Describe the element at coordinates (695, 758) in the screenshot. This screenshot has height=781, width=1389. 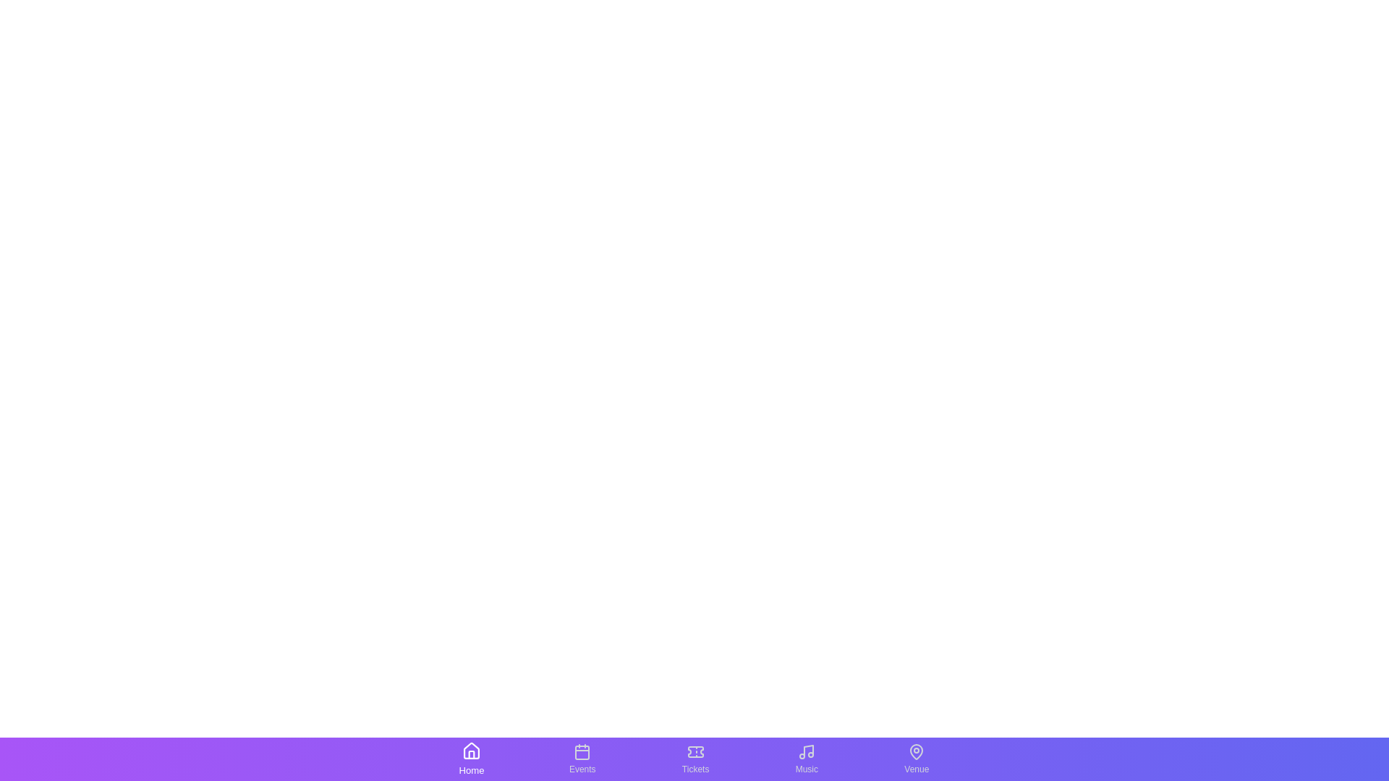
I see `the tab labeled Tickets` at that location.